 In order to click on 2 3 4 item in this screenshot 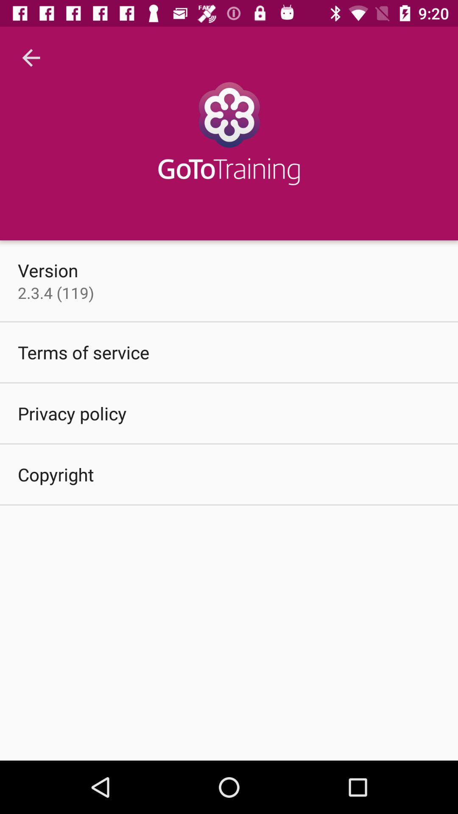, I will do `click(56, 293)`.